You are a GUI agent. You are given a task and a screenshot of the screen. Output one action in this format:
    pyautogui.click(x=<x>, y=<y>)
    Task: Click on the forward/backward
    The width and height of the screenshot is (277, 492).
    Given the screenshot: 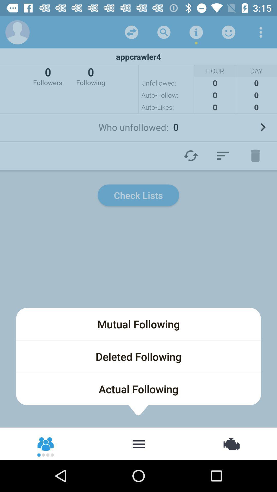 What is the action you would take?
    pyautogui.click(x=131, y=32)
    